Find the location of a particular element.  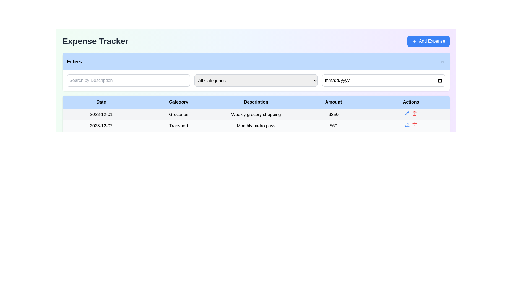

the label displaying '$60' in the 'Amount' column of the transport expense row for 'Monthly metro pass' is located at coordinates (333, 126).